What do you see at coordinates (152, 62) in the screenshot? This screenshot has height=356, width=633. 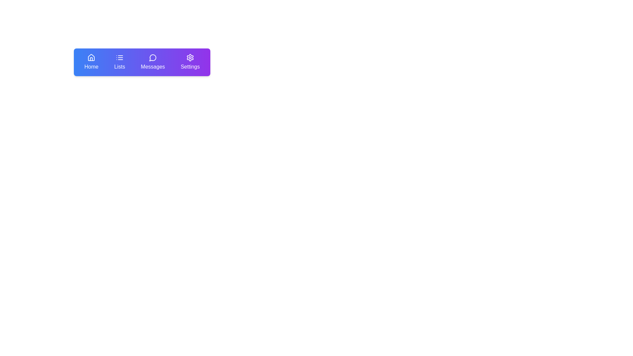 I see `the 'Messages' navigation item in the horizontal menu` at bounding box center [152, 62].